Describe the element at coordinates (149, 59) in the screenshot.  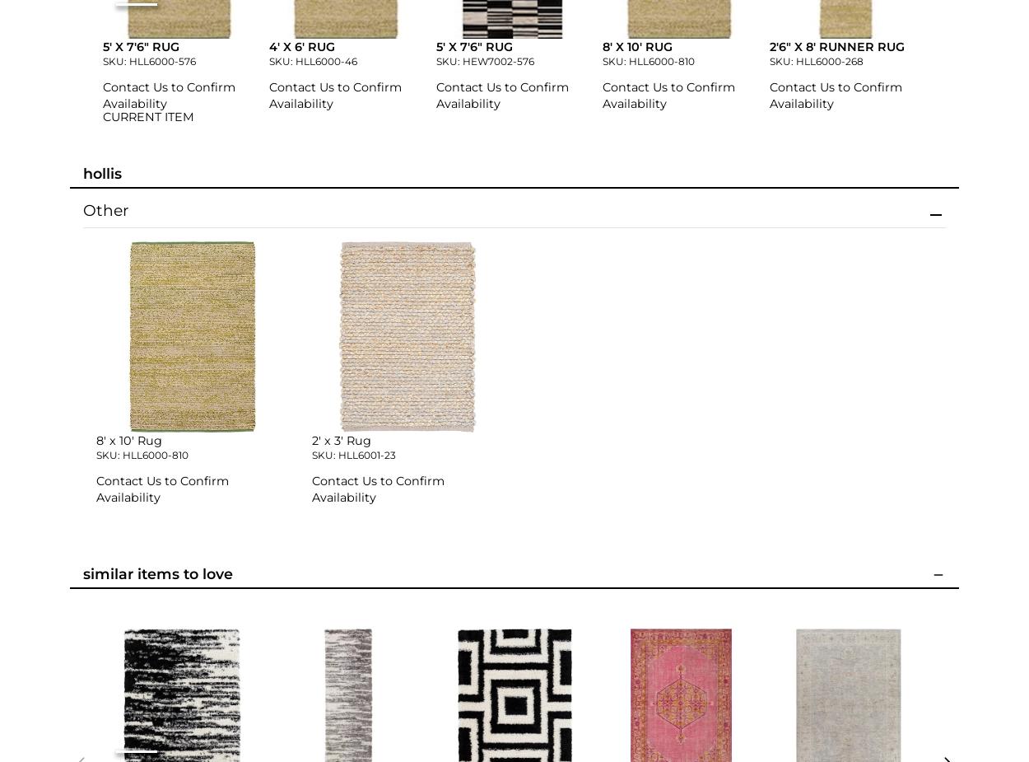
I see `'SKU: HLL6000-576'` at that location.